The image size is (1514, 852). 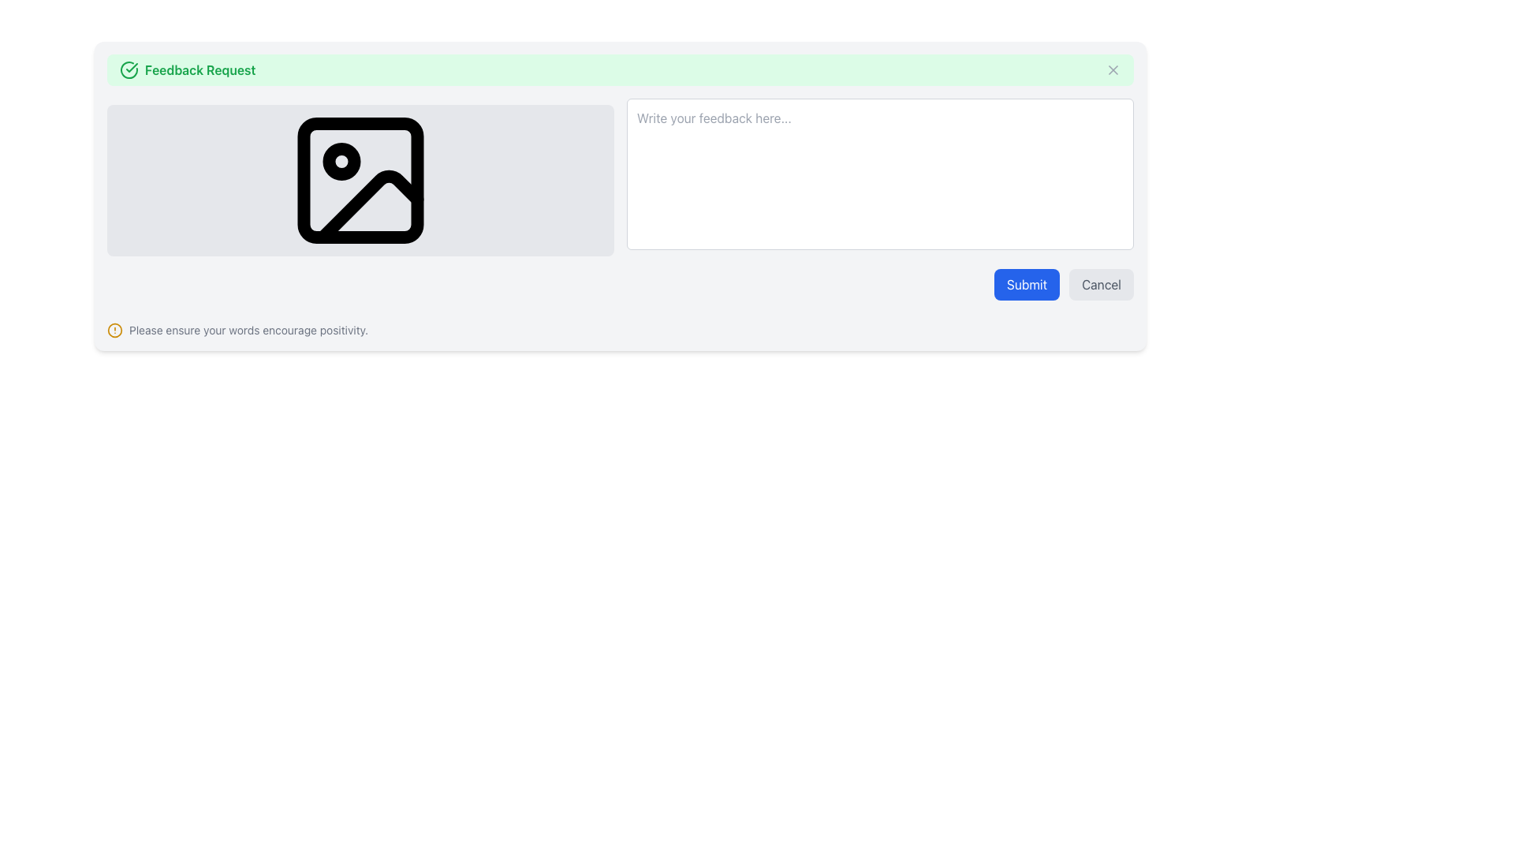 I want to click on the circular alert icon with a yellow bordered circle and an exclamation mark, located adjacent to the text 'Please ensure your words encourage positivity.', so click(x=114, y=330).